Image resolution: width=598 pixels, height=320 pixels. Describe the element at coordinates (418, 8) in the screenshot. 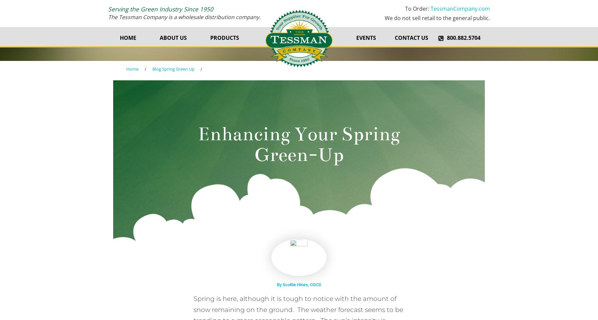

I see `'To Order:'` at that location.